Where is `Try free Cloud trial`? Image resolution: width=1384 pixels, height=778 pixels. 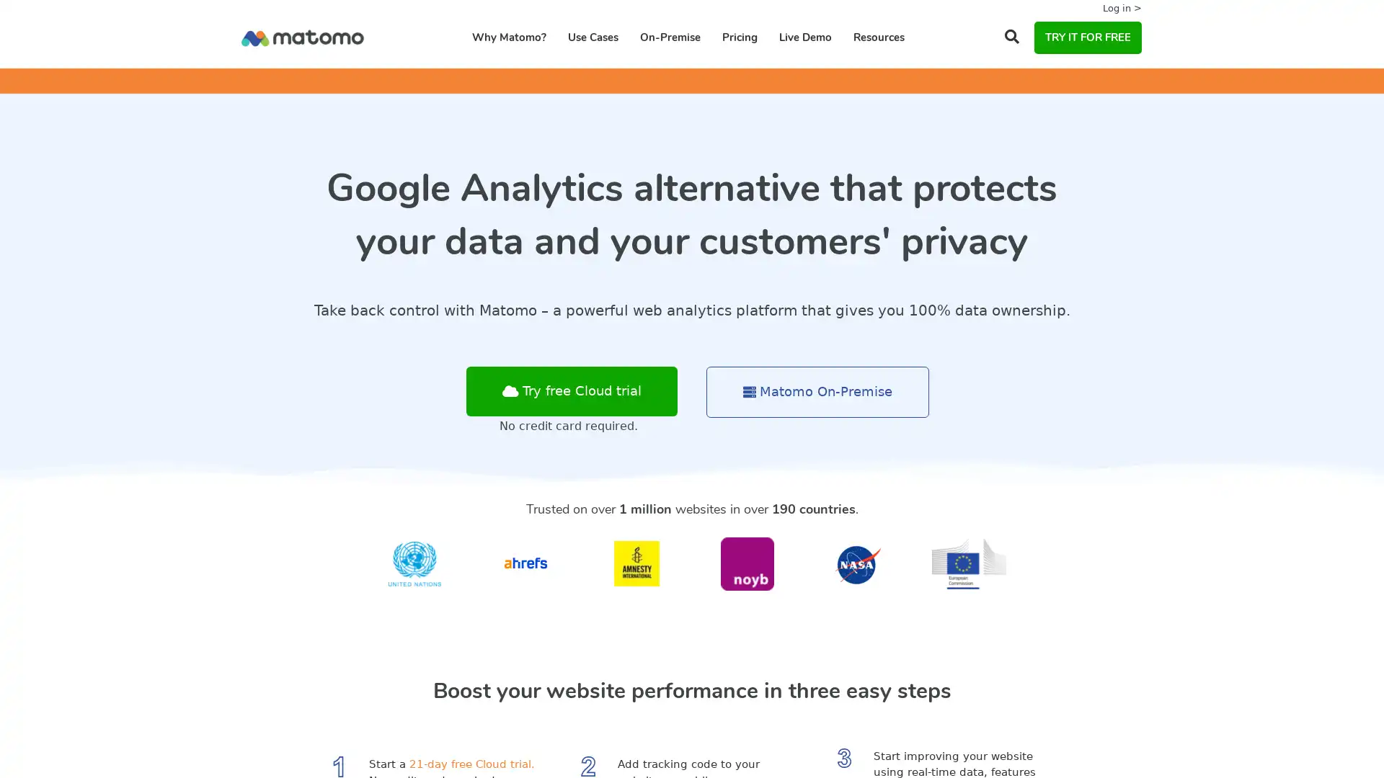 Try free Cloud trial is located at coordinates (571, 391).